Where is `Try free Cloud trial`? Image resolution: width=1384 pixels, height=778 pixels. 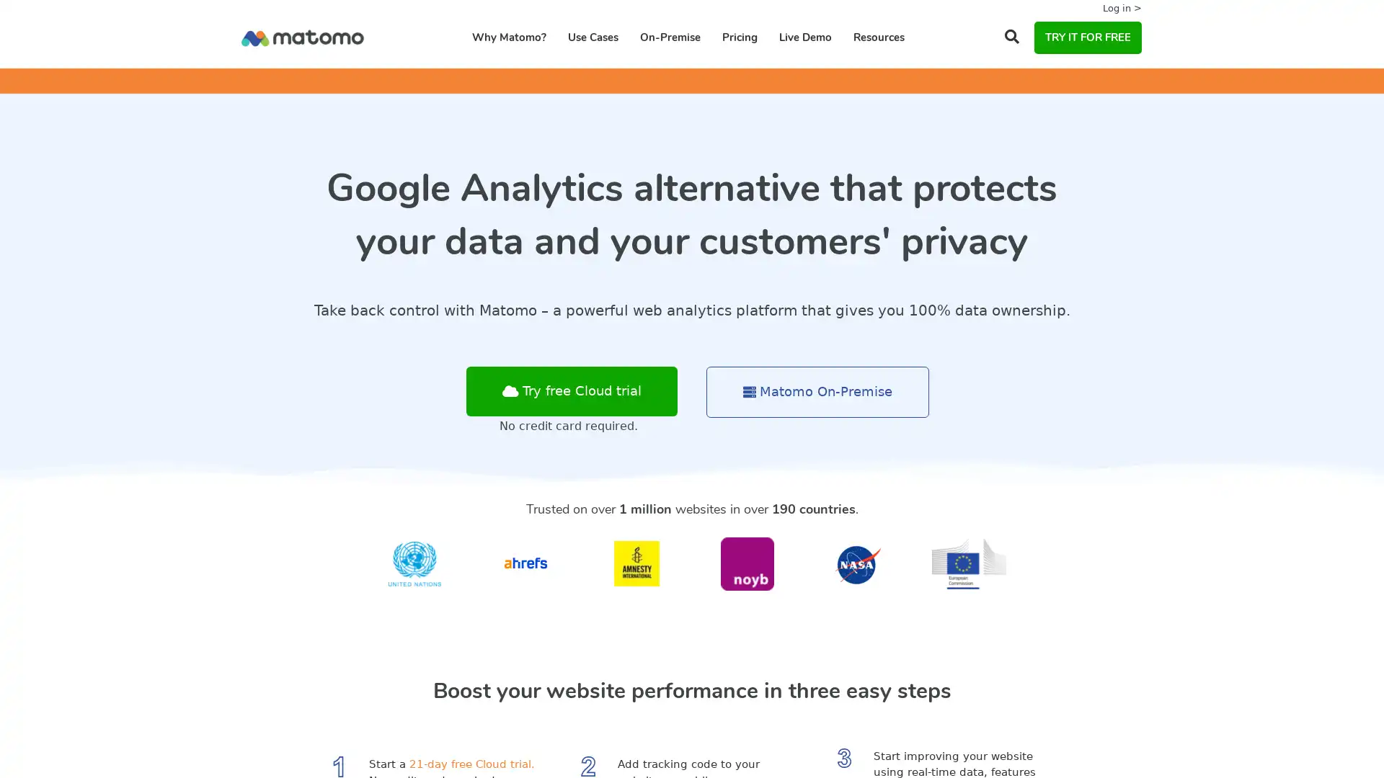 Try free Cloud trial is located at coordinates (571, 391).